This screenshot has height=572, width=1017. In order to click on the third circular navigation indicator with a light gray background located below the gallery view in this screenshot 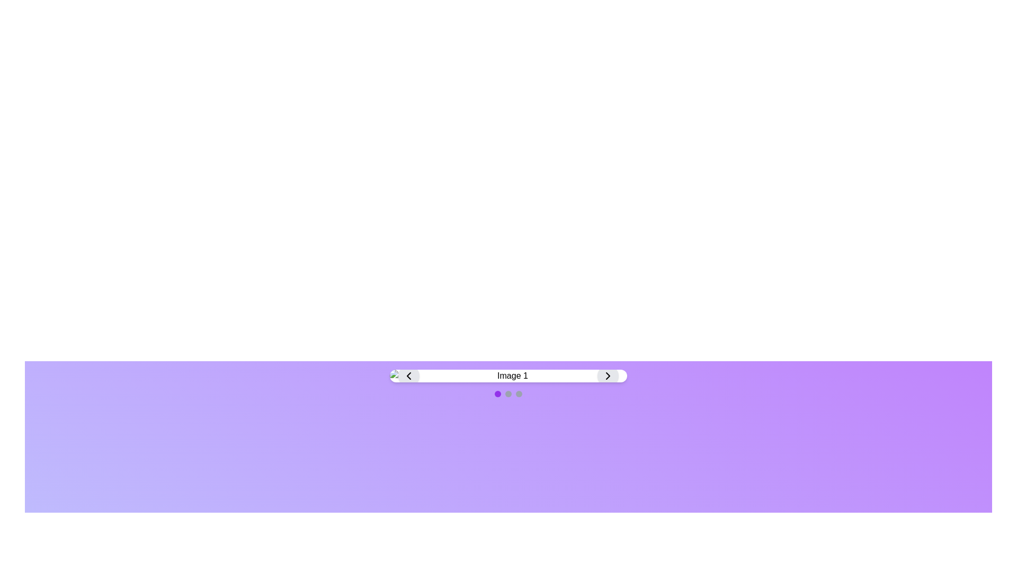, I will do `click(519, 394)`.